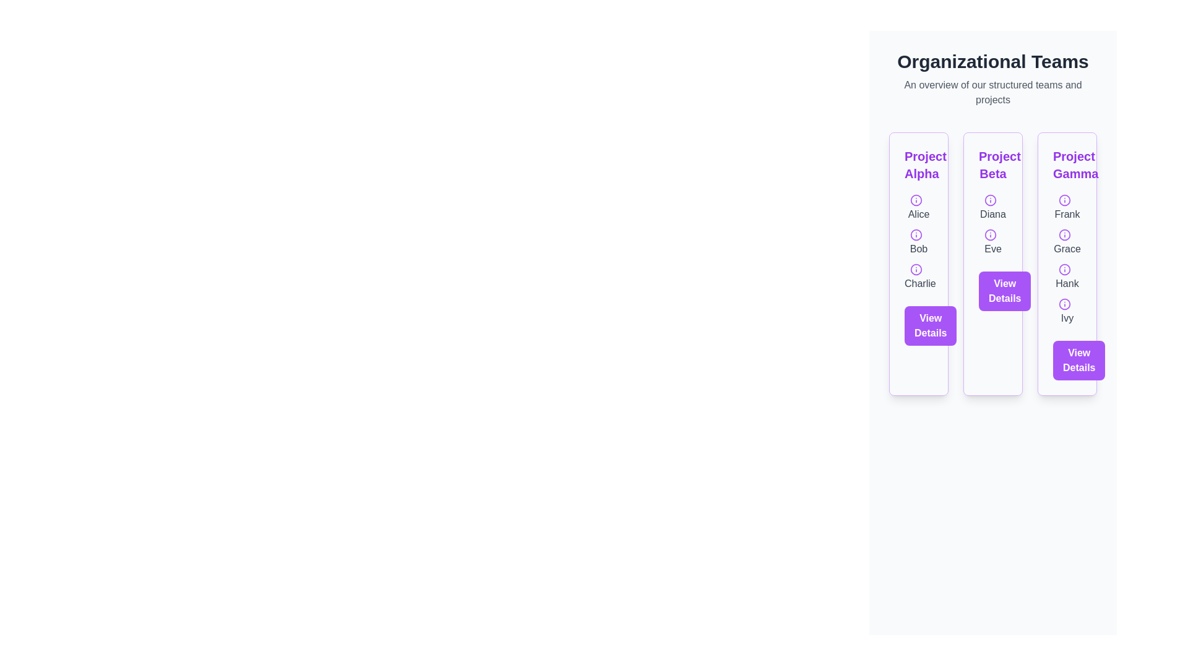 This screenshot has height=668, width=1188. I want to click on the text label 'Grace' located below the entry for 'Frank' and above 'Hank', so click(1066, 241).